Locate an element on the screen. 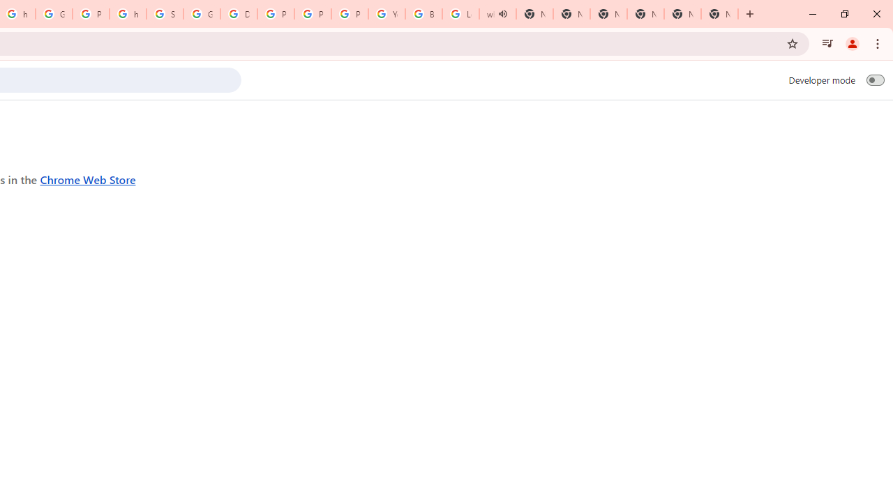 The image size is (893, 502). 'https://scholar.google.com/' is located at coordinates (128, 14).